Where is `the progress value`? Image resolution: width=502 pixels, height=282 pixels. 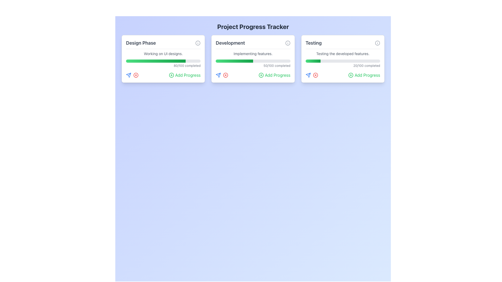 the progress value is located at coordinates (305, 61).